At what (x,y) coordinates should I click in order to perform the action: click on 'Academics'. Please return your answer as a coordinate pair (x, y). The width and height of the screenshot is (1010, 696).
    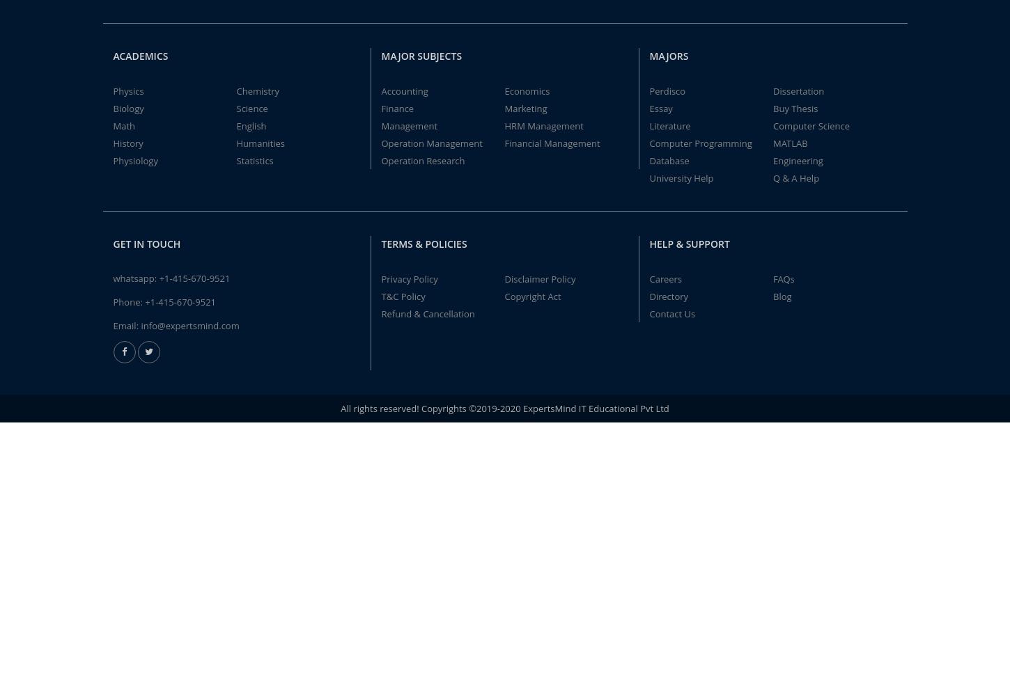
    Looking at the image, I should click on (111, 54).